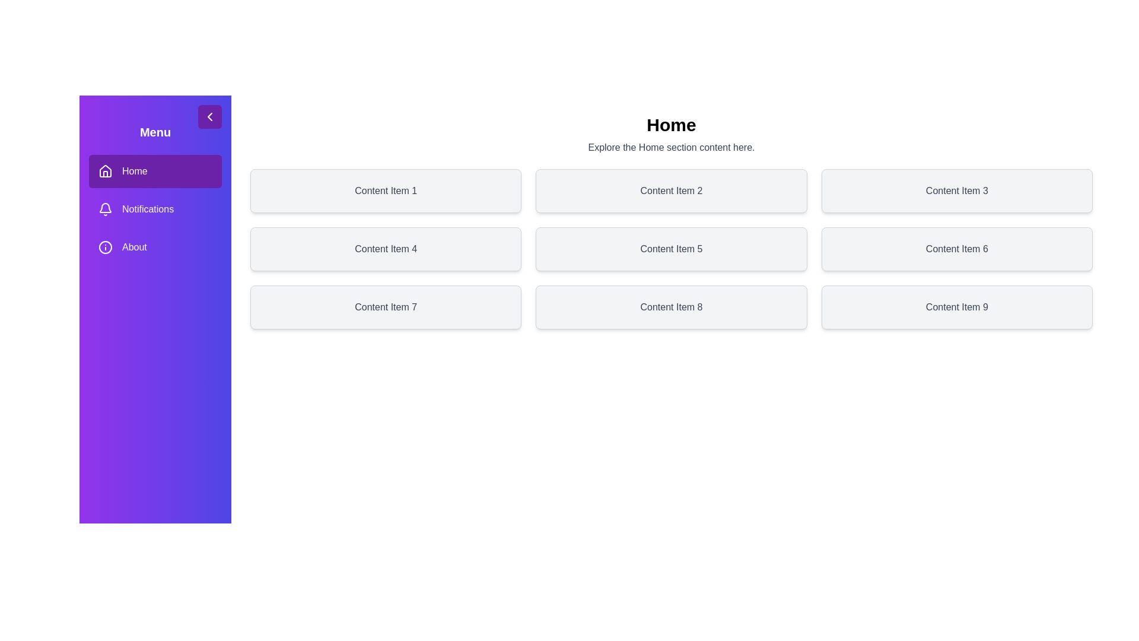 The image size is (1139, 641). What do you see at coordinates (210, 116) in the screenshot?
I see `close button at the top-right corner of the drawer to toggle its visibility` at bounding box center [210, 116].